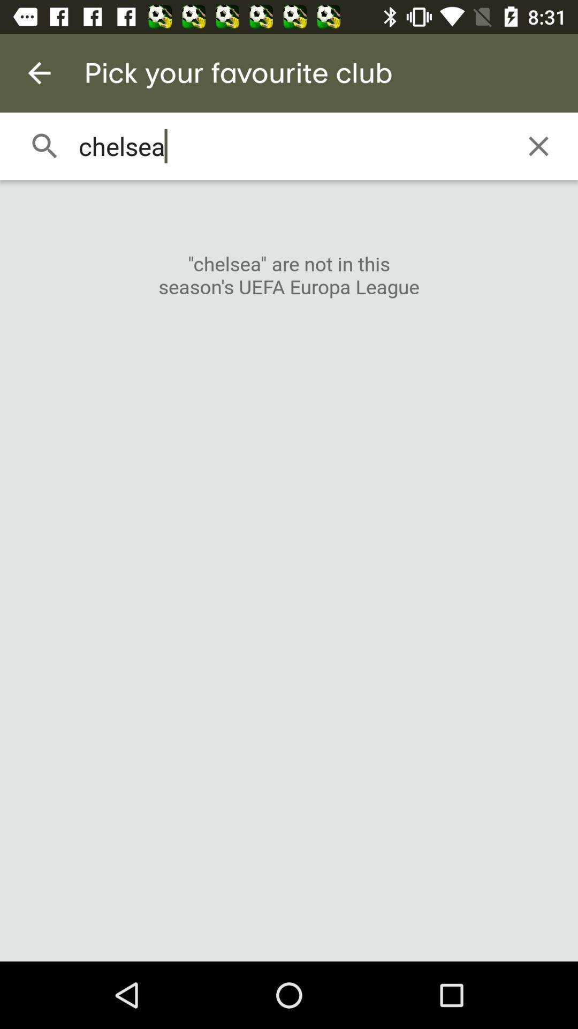  What do you see at coordinates (538, 146) in the screenshot?
I see `icon to the right of chelsea` at bounding box center [538, 146].